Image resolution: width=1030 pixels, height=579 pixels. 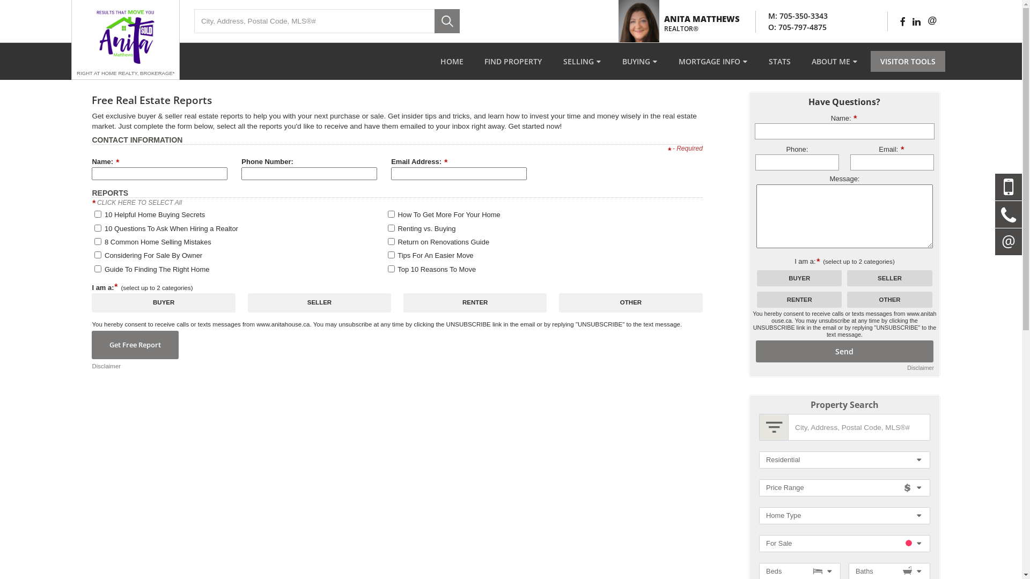 I want to click on 'SELLING', so click(x=581, y=61).